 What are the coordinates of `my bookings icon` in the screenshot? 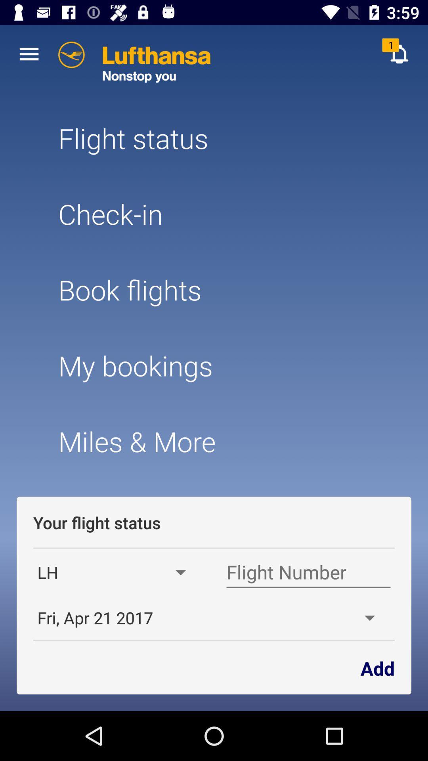 It's located at (214, 365).